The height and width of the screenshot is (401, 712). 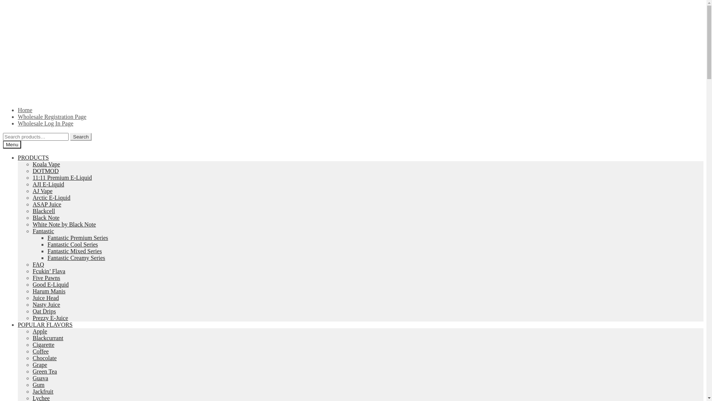 What do you see at coordinates (32, 231) in the screenshot?
I see `'Fantastic'` at bounding box center [32, 231].